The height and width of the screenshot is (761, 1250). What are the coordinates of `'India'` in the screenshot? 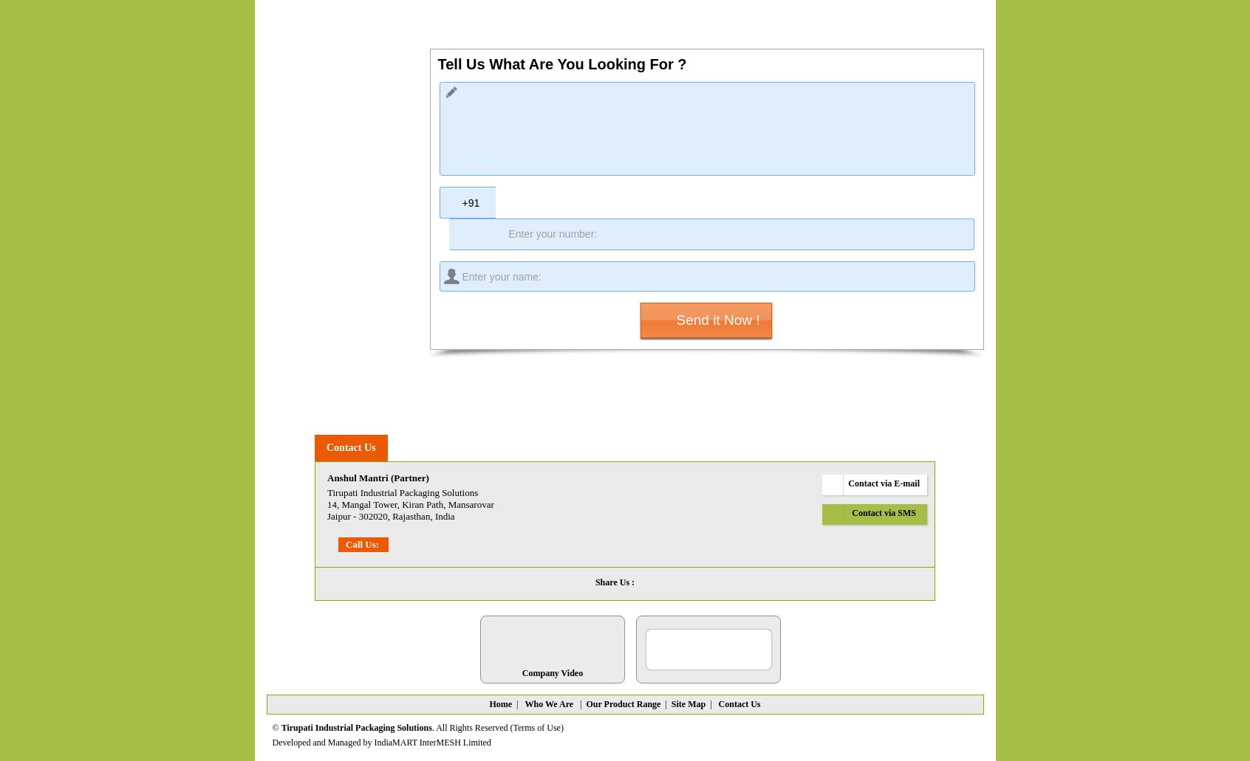 It's located at (433, 516).